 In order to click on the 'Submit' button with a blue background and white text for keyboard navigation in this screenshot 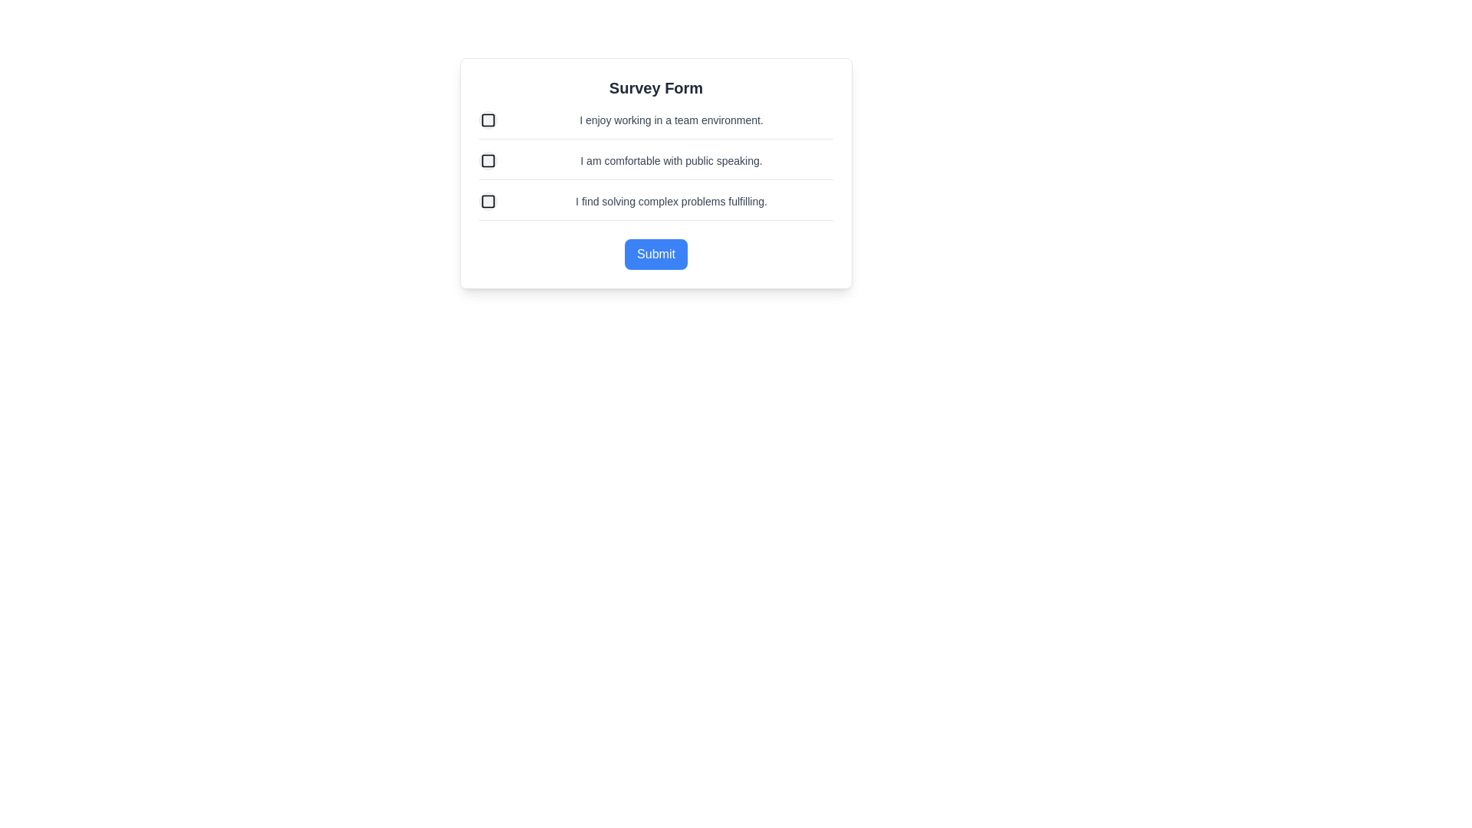, I will do `click(655, 253)`.